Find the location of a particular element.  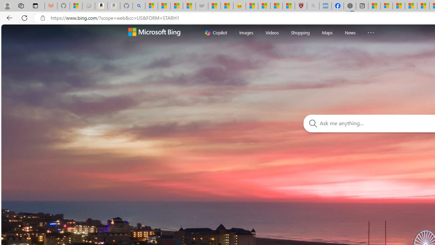

'Welcome to Bing Search' is located at coordinates (154, 33).